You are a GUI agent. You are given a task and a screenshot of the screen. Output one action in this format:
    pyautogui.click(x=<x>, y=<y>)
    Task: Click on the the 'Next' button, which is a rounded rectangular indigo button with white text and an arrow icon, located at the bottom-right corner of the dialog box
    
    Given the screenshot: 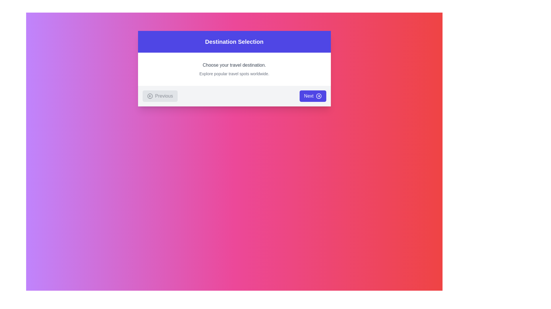 What is the action you would take?
    pyautogui.click(x=312, y=96)
    